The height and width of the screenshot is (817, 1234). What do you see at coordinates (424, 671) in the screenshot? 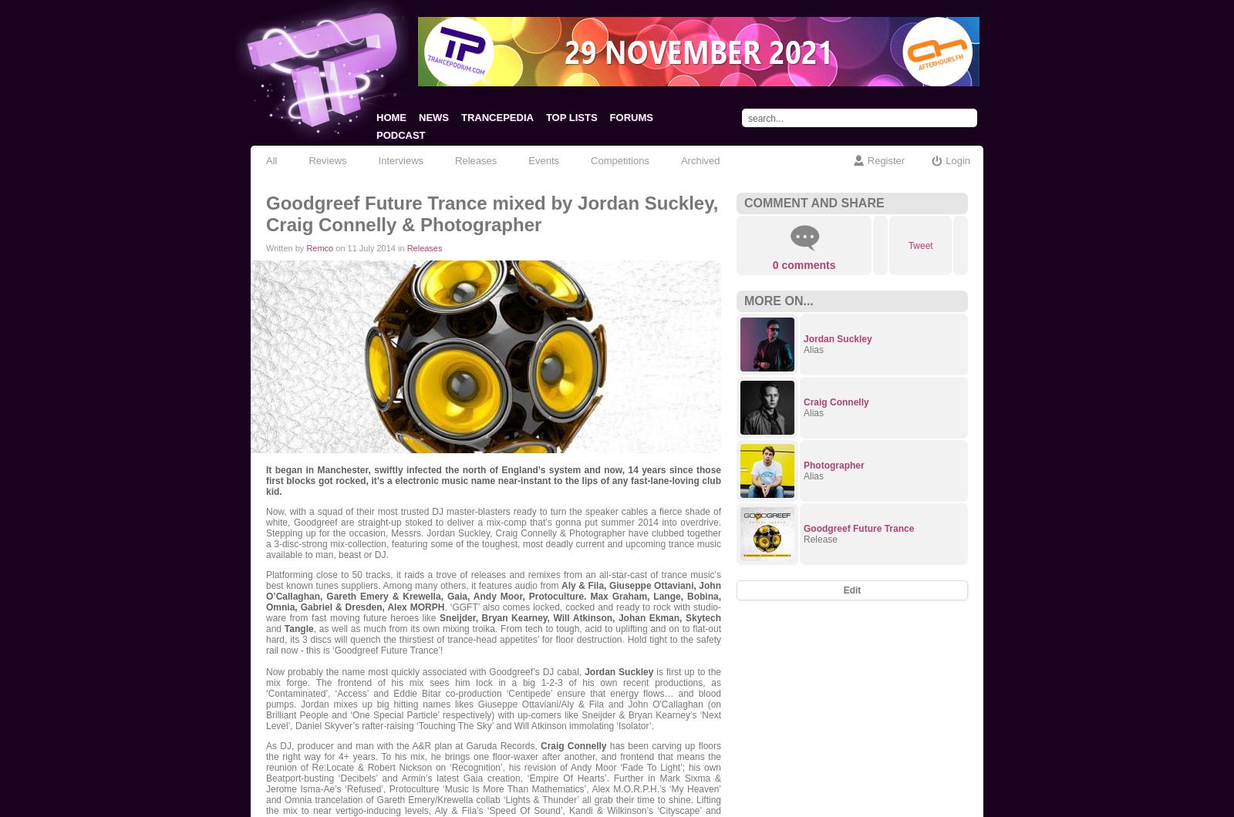
I see `'Now probably the name most quickly associated with Goodgreef’s DJ cabal,'` at bounding box center [424, 671].